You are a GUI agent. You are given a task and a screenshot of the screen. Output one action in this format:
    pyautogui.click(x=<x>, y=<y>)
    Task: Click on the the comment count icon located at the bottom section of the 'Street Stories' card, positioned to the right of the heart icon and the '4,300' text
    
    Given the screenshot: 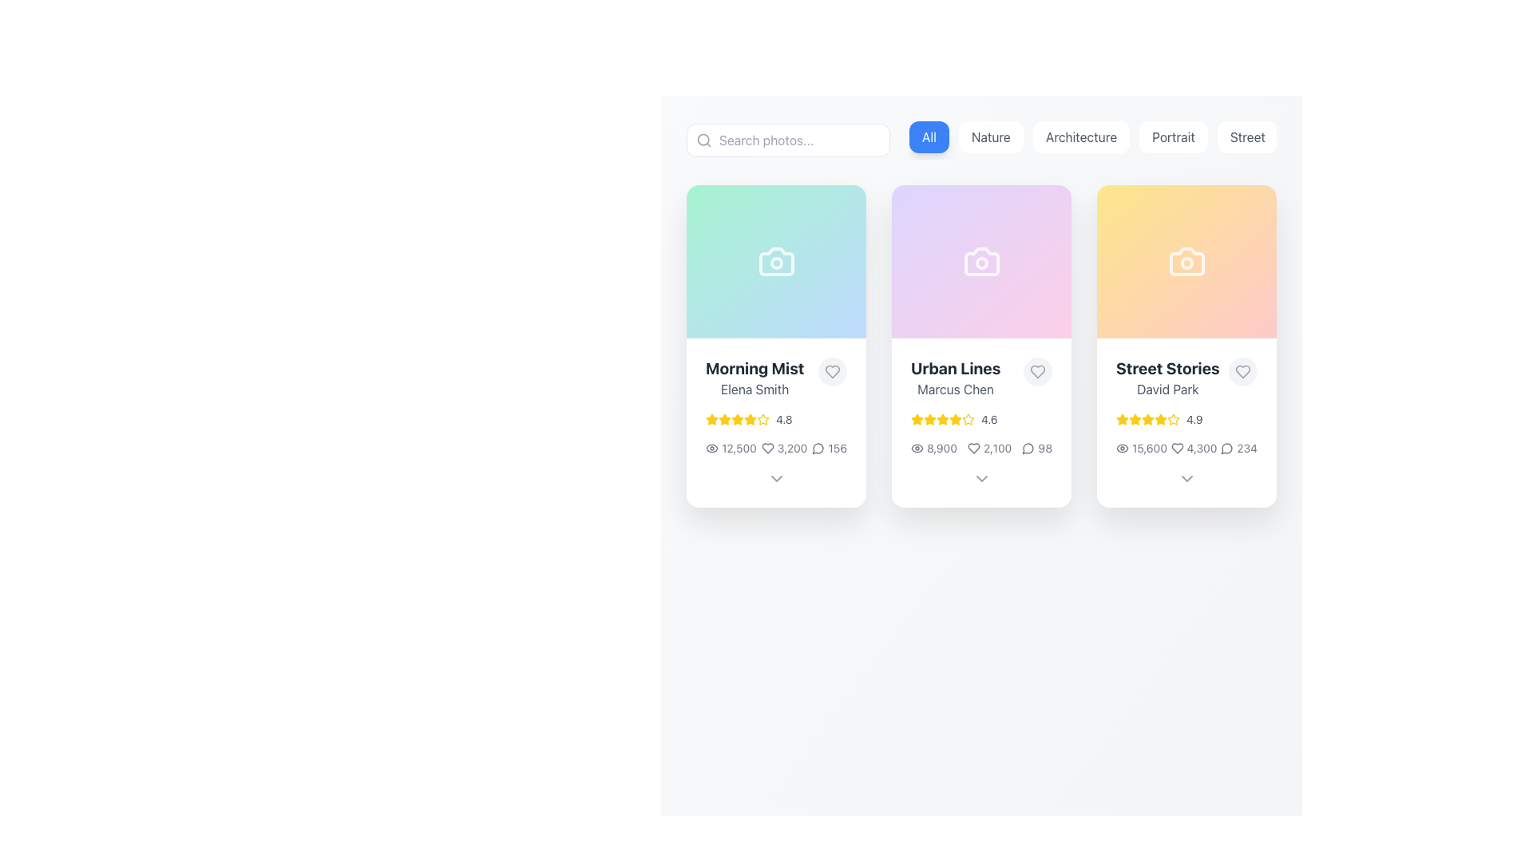 What is the action you would take?
    pyautogui.click(x=1226, y=449)
    